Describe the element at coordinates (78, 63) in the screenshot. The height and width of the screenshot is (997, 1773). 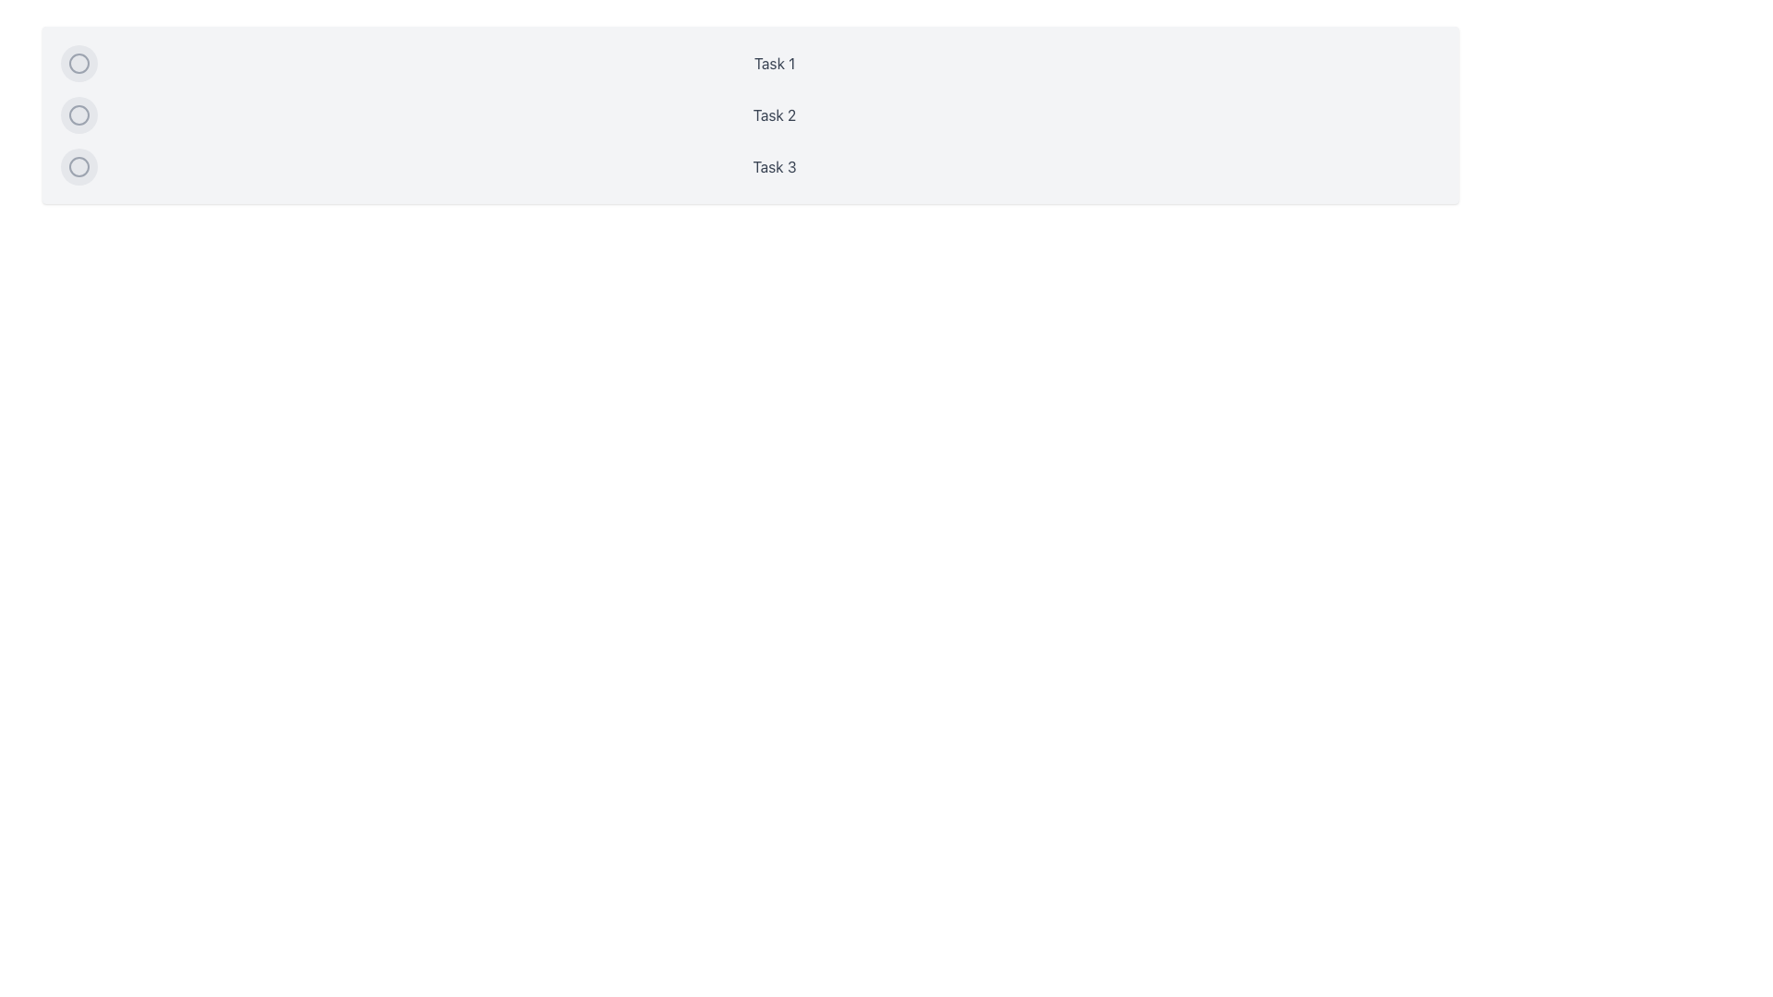
I see `the first circular SVG graphic element with a light gray border located in the top-left portion of the interface` at that location.